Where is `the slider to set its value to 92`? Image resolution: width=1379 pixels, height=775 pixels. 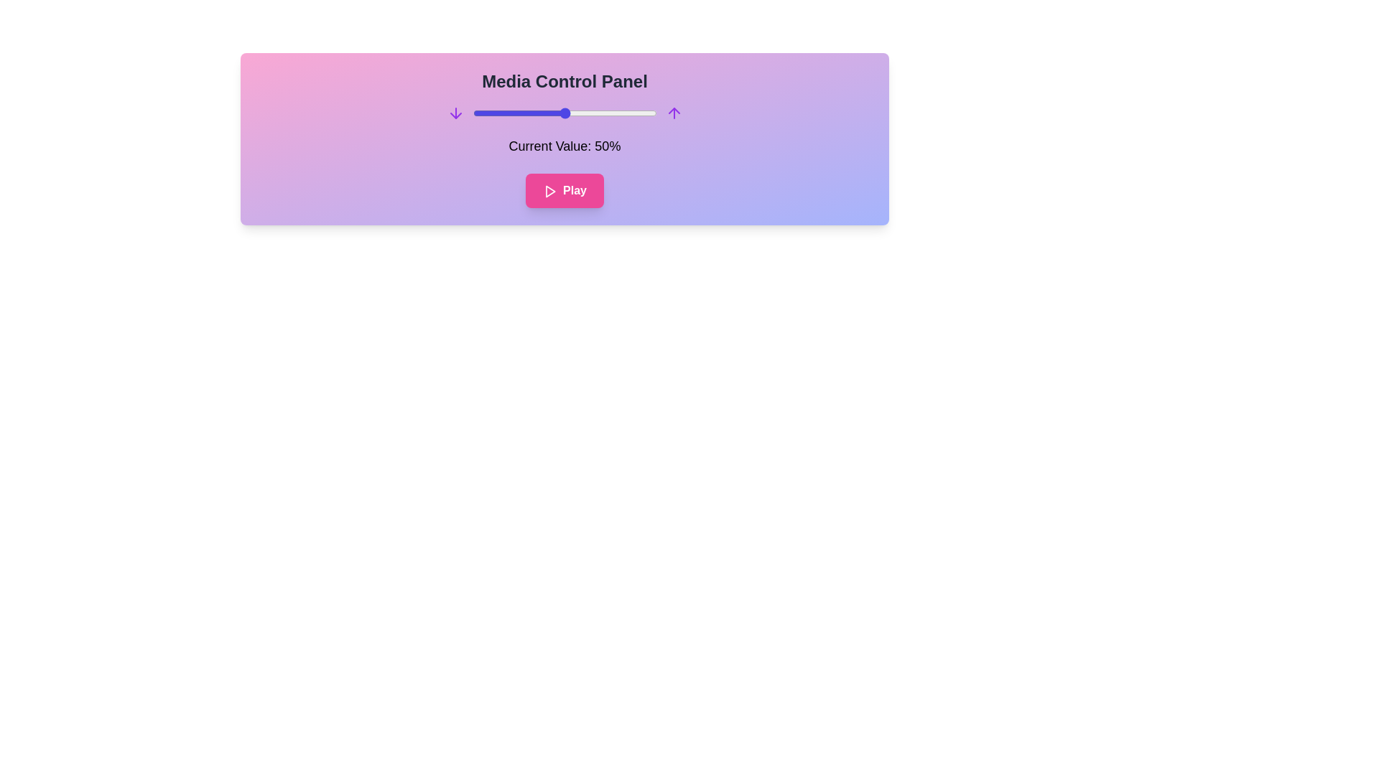 the slider to set its value to 92 is located at coordinates (641, 113).